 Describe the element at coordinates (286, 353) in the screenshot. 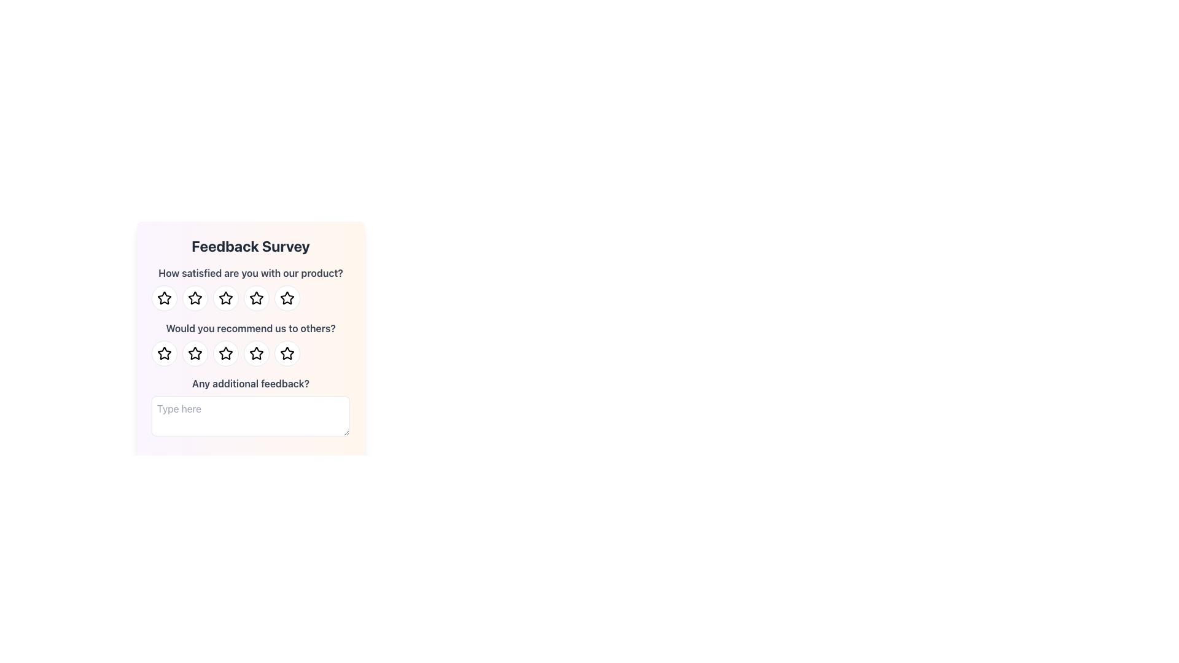

I see `the fourth star icon outlined in black under the label 'Would you recommend us to others?'` at that location.